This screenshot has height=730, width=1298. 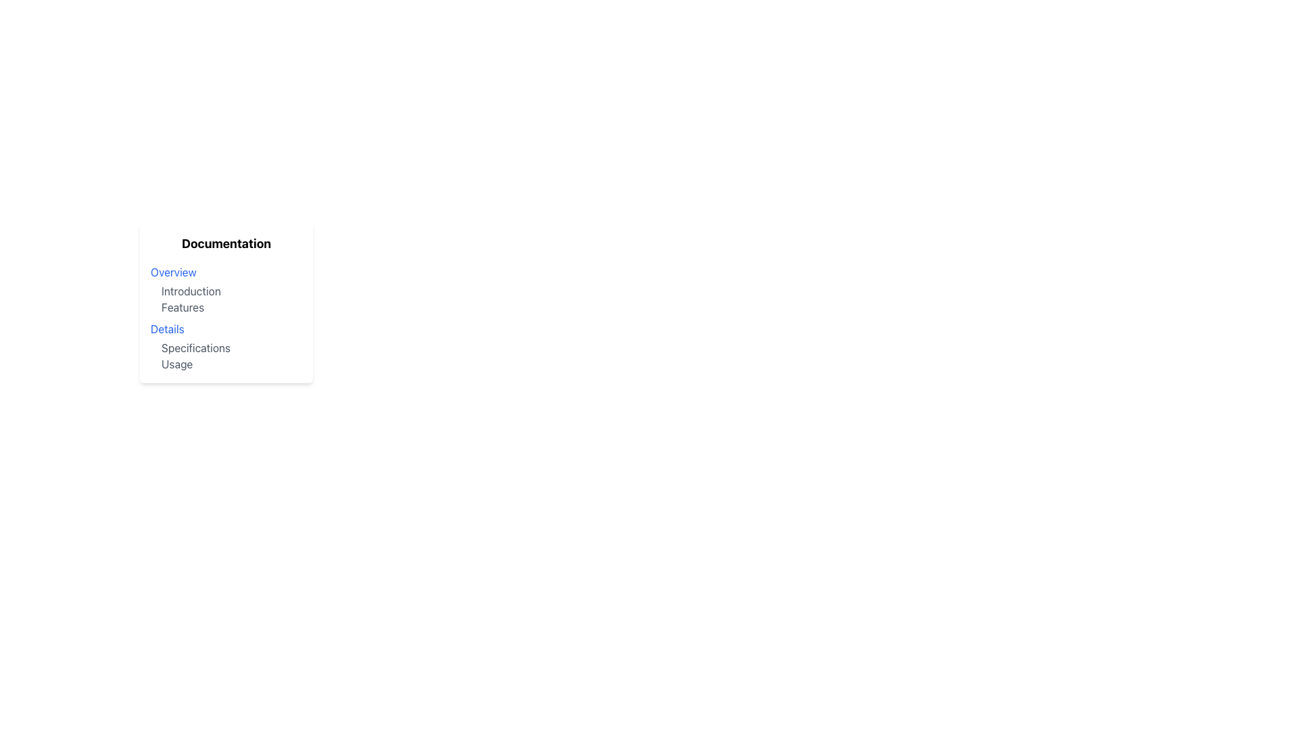 What do you see at coordinates (190, 291) in the screenshot?
I see `the 'Introduction' hyperlink in the vertical navigation menu` at bounding box center [190, 291].